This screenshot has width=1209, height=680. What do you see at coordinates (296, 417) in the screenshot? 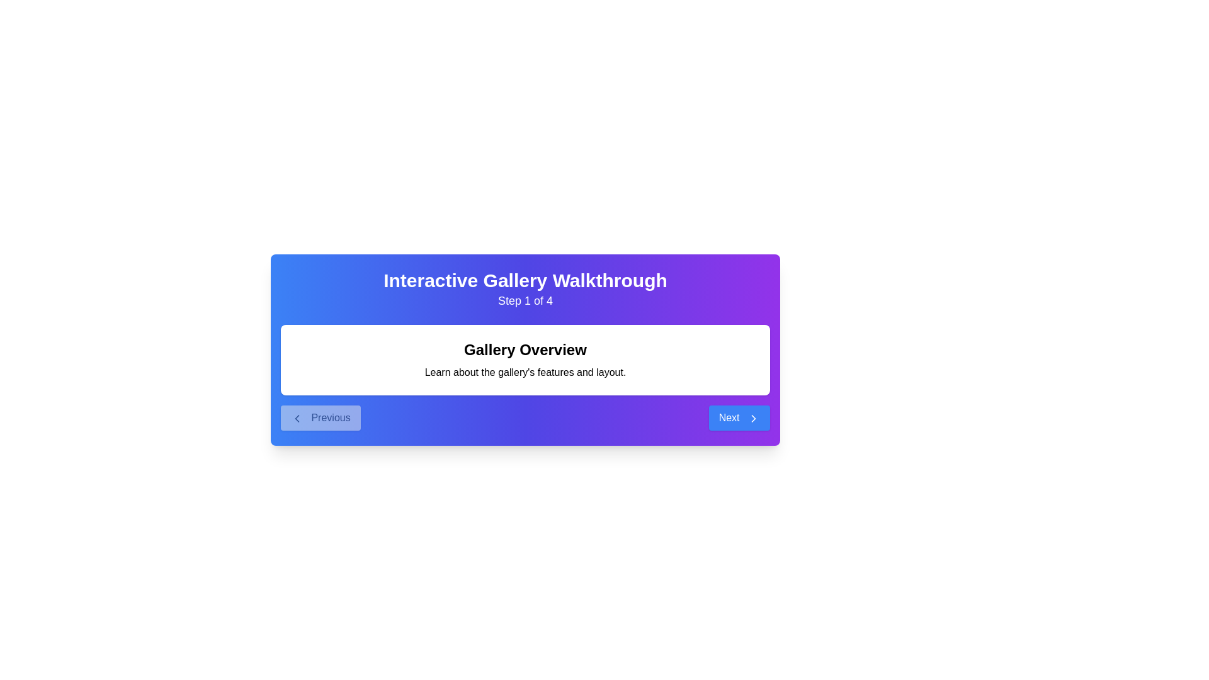
I see `the small triangular chevron pointing left, which is the central visual component of the 'Previous' button located at the bottom-left of the card interface` at bounding box center [296, 417].